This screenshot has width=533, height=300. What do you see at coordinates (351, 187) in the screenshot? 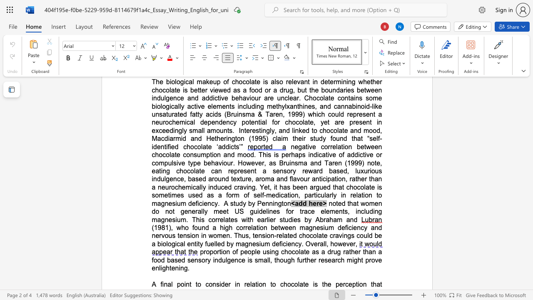
I see `the 6th character "h" in the text` at bounding box center [351, 187].